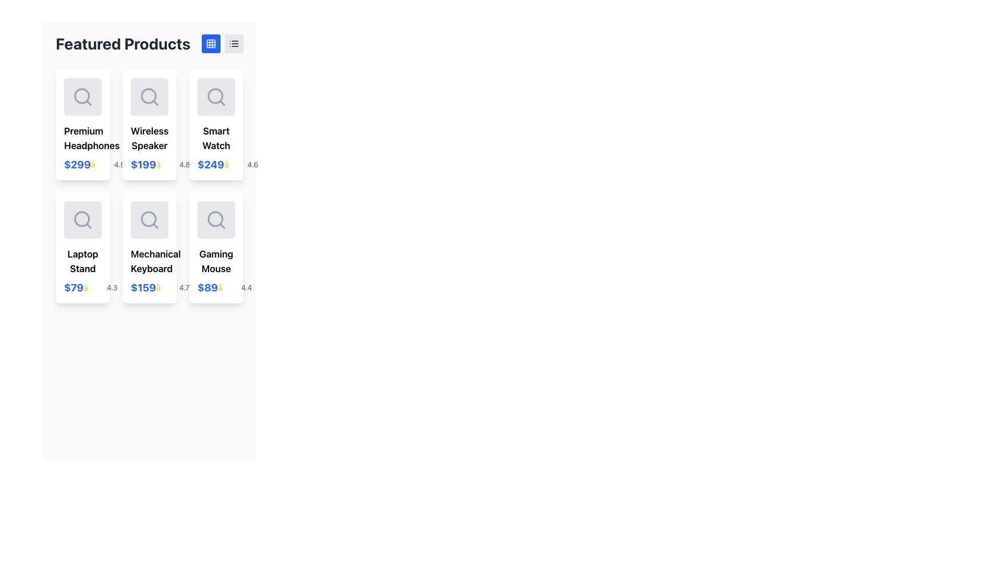  Describe the element at coordinates (149, 248) in the screenshot. I see `the product card, which is the fifth card in a grid layout of six products, from its current position` at that location.